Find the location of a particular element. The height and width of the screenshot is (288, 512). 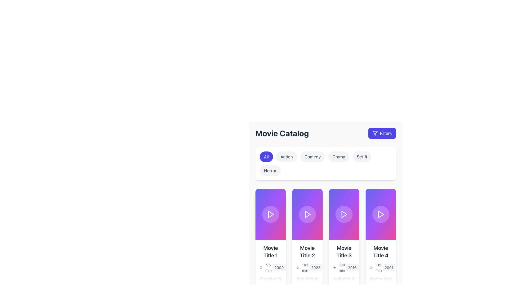

the 'All' button located in the top left of the button group below the 'Movie Catalog' heading is located at coordinates (266, 156).